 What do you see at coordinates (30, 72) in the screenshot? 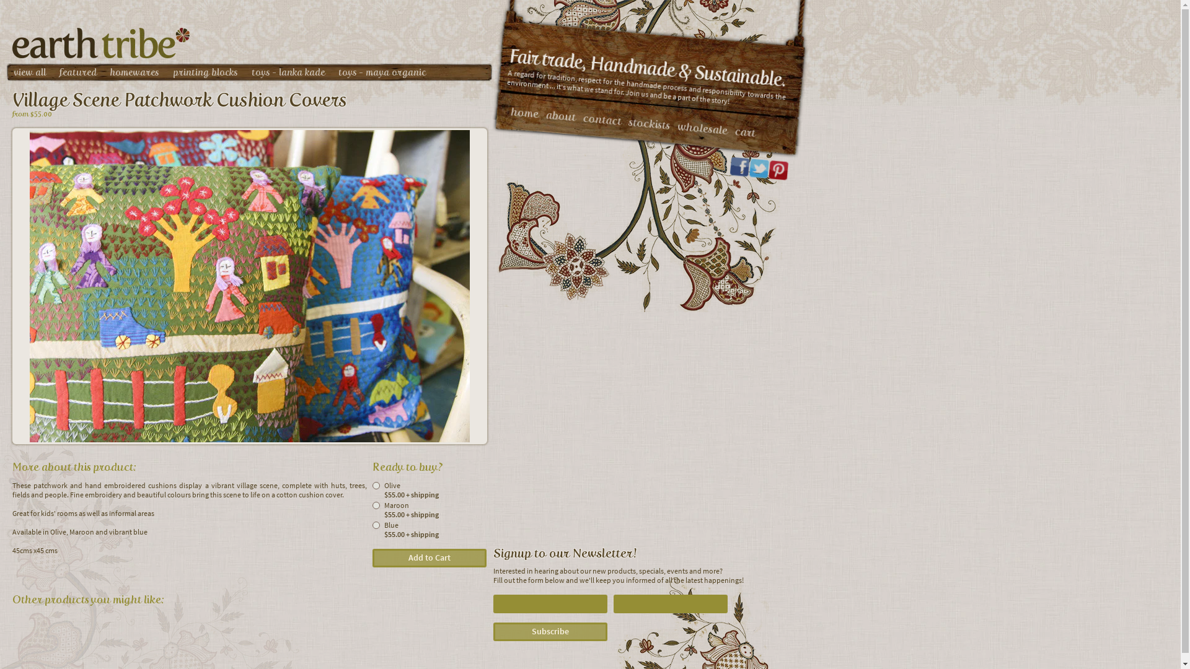
I see `'view all'` at bounding box center [30, 72].